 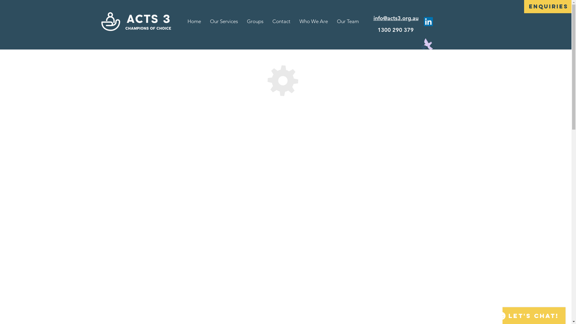 What do you see at coordinates (281, 21) in the screenshot?
I see `'Contact'` at bounding box center [281, 21].